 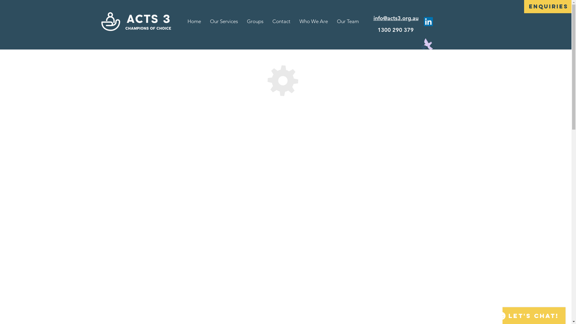 What do you see at coordinates (281, 21) in the screenshot?
I see `'Contact'` at bounding box center [281, 21].